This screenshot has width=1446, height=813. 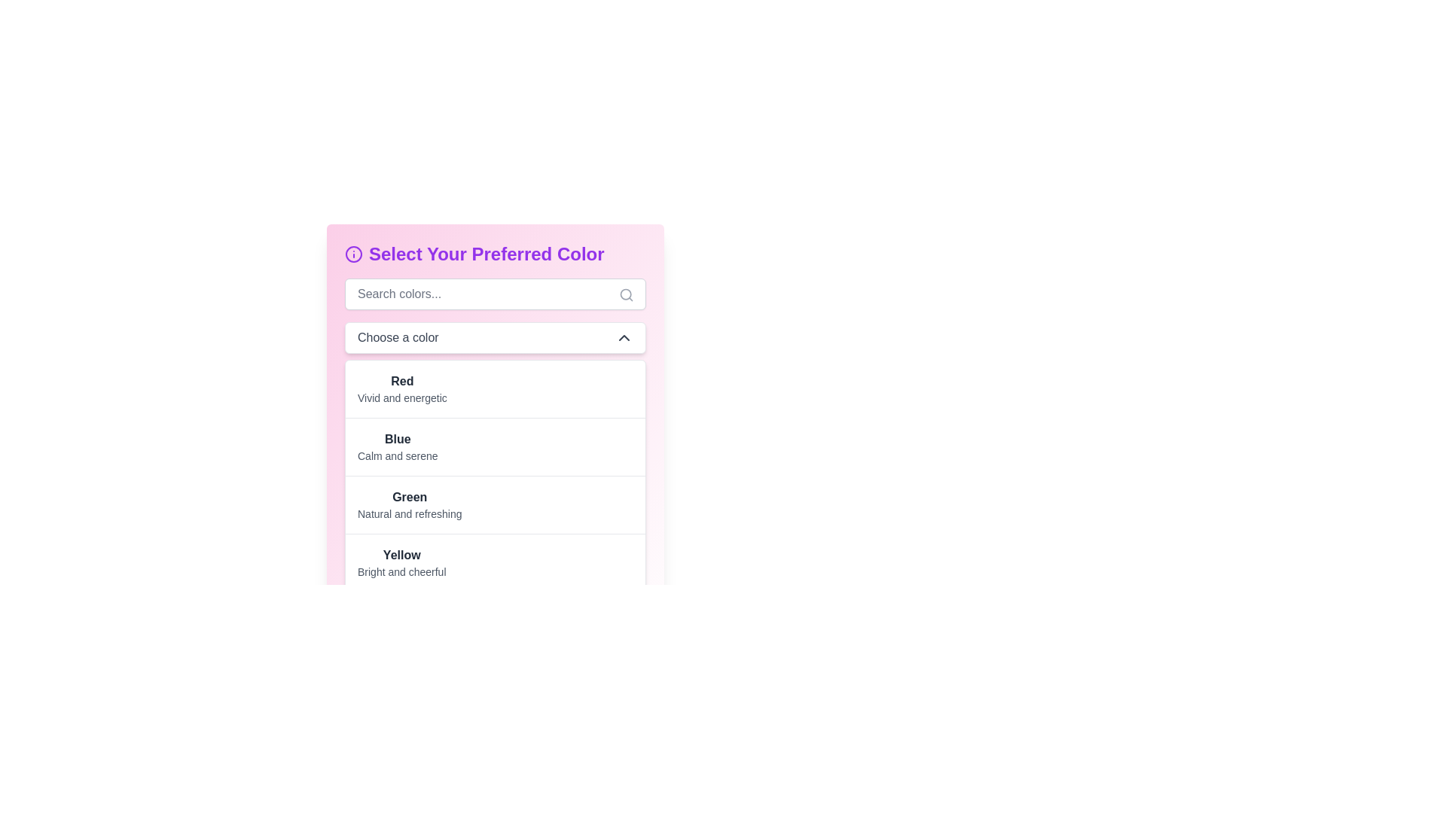 I want to click on the List item between 'Blue' and 'Yellow' in the color picker interface, so click(x=400, y=621).